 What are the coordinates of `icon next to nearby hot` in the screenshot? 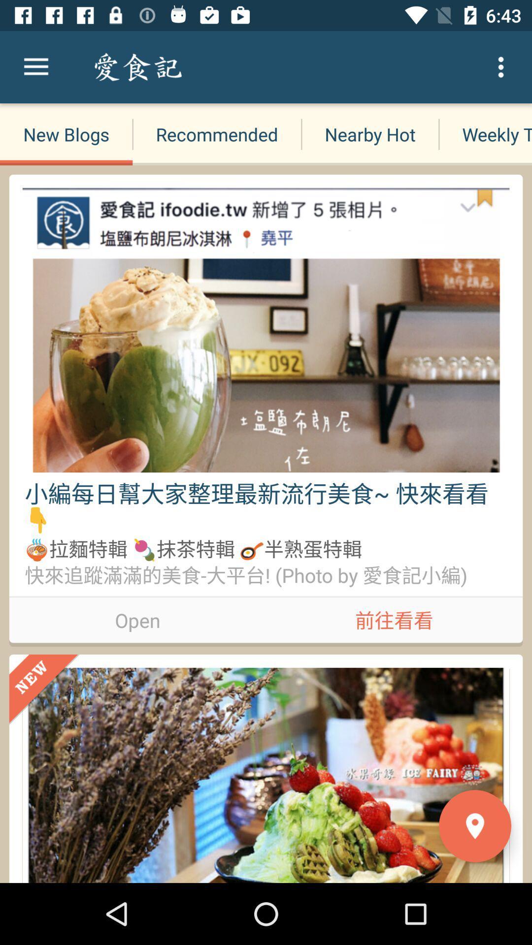 It's located at (485, 134).